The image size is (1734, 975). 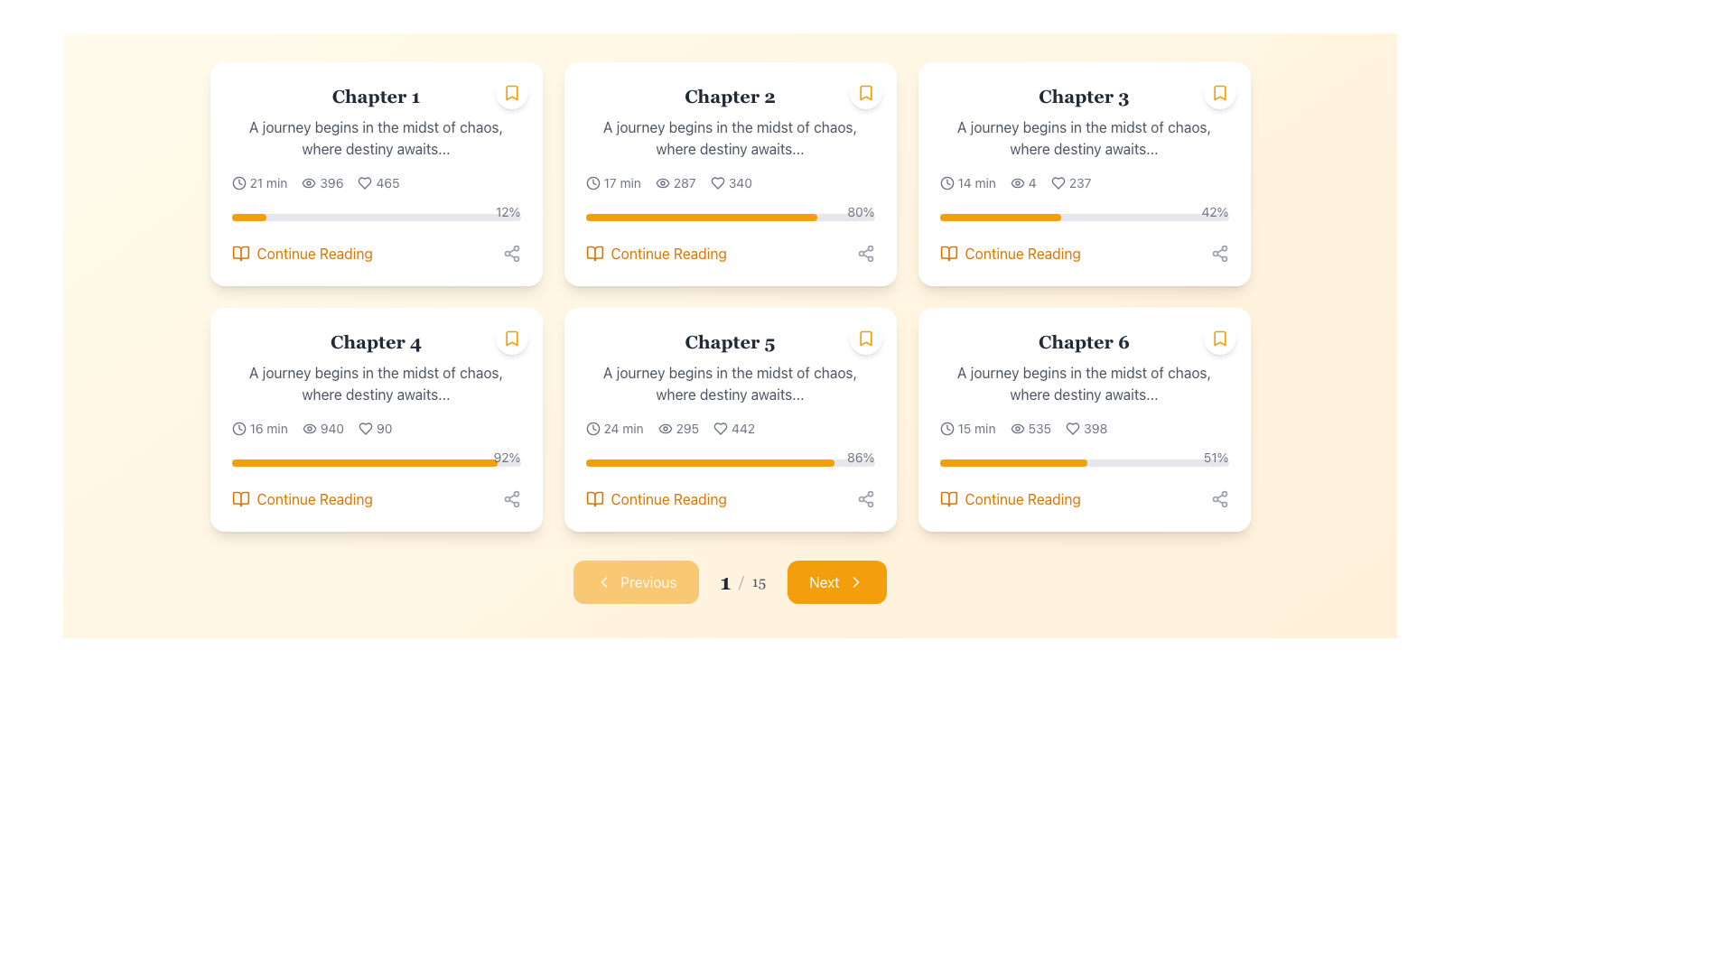 I want to click on the orange bookmark icon located at the top right corner of the card labeled 'Chapter 4', so click(x=510, y=338).